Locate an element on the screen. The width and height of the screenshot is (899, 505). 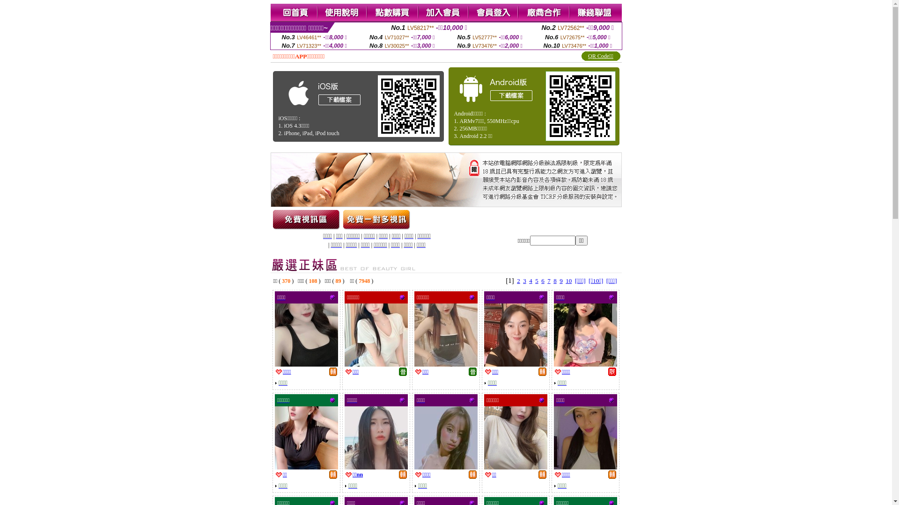
'10' is located at coordinates (568, 280).